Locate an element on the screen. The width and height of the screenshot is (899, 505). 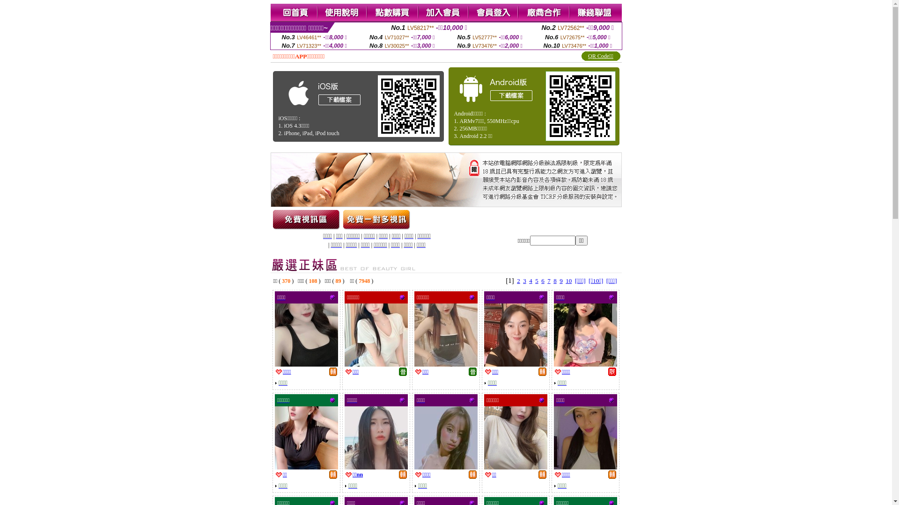
'10' is located at coordinates (568, 280).